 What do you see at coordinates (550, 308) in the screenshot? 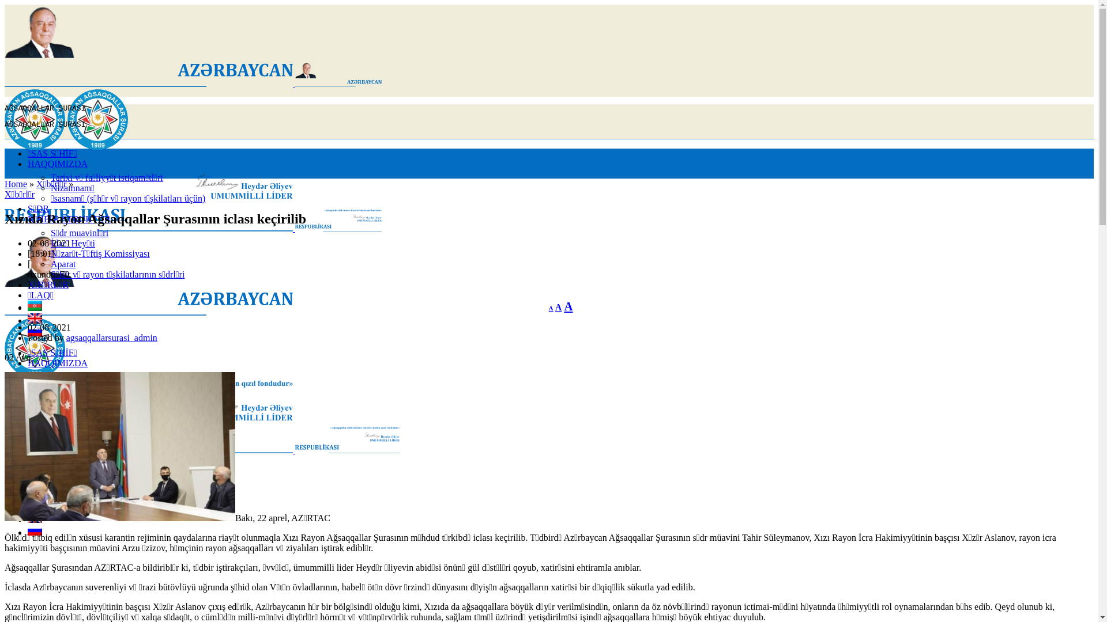
I see `'A` at bounding box center [550, 308].